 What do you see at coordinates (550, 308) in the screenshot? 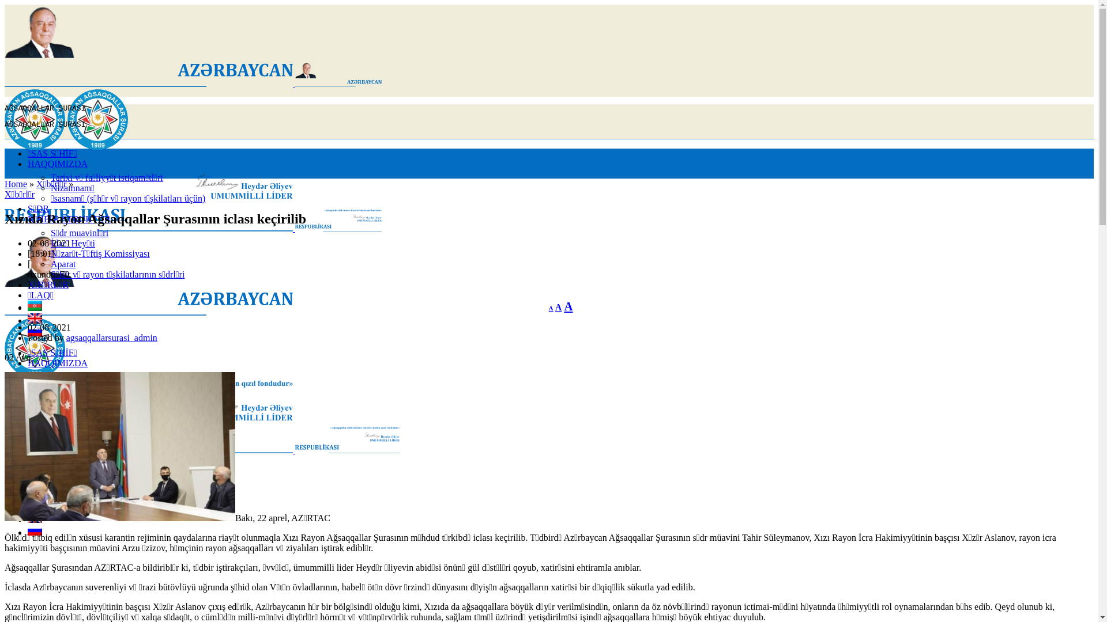
I see `'A` at bounding box center [550, 308].